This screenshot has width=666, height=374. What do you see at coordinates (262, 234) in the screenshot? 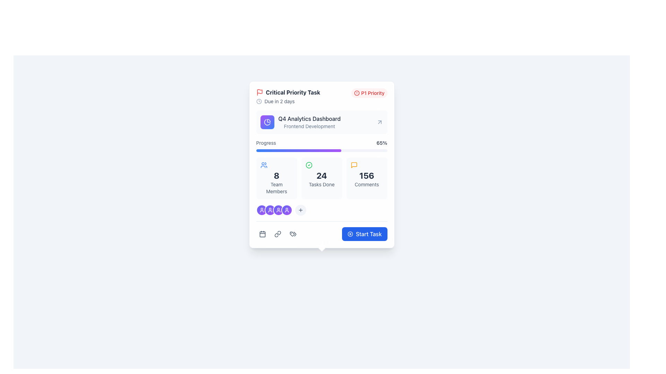
I see `the calendar icon located at the bottom left corner of the card interface` at bounding box center [262, 234].